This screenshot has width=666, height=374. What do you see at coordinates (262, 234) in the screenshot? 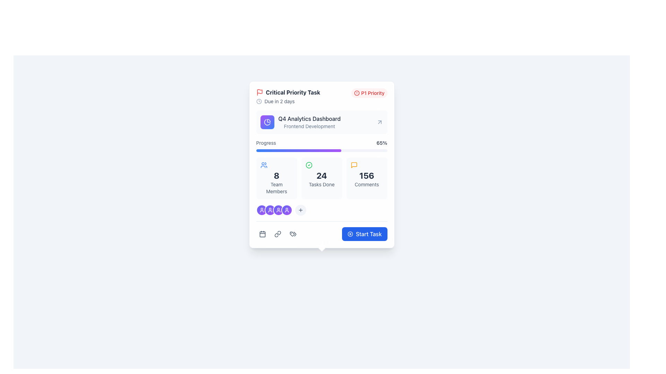
I see `the calendar icon located at the bottom left corner of the card interface` at bounding box center [262, 234].